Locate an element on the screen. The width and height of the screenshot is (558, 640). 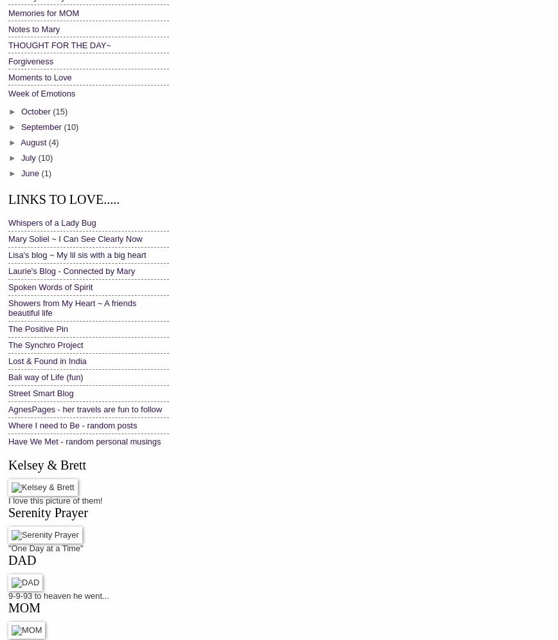
'Moments to Love' is located at coordinates (39, 76).